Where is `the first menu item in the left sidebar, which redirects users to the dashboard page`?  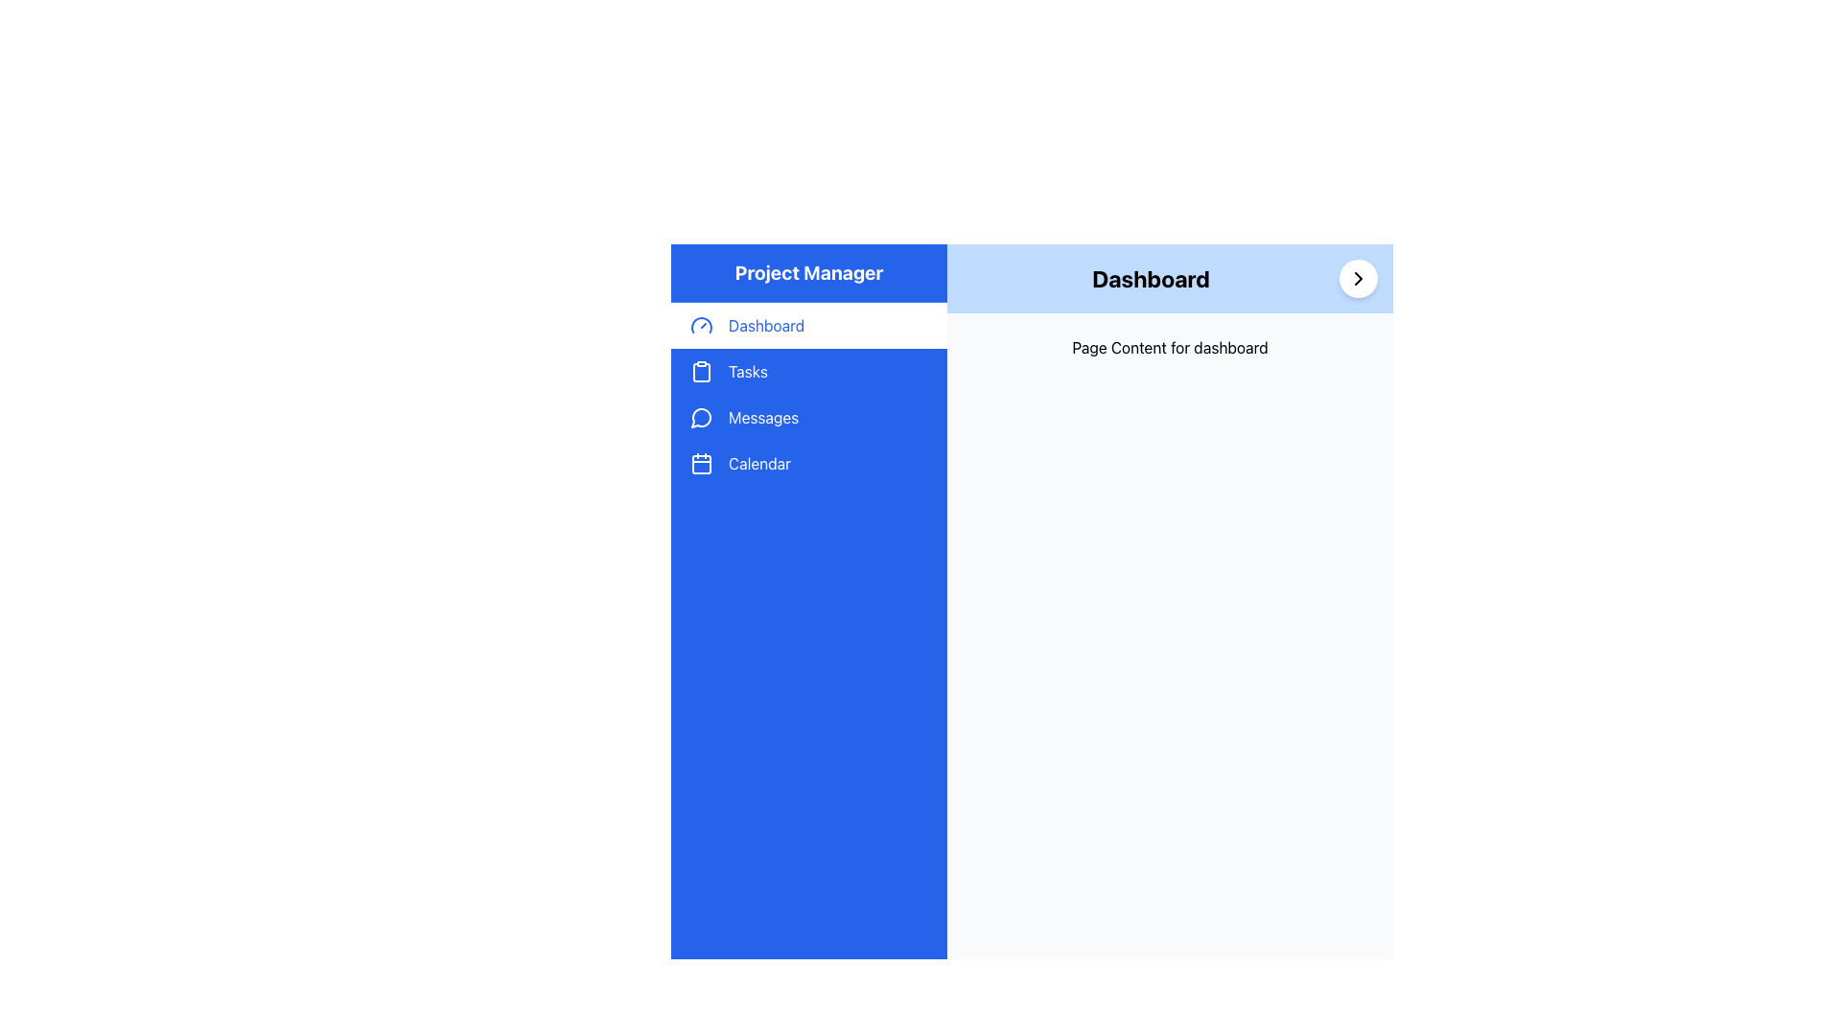
the first menu item in the left sidebar, which redirects users to the dashboard page is located at coordinates (809, 324).